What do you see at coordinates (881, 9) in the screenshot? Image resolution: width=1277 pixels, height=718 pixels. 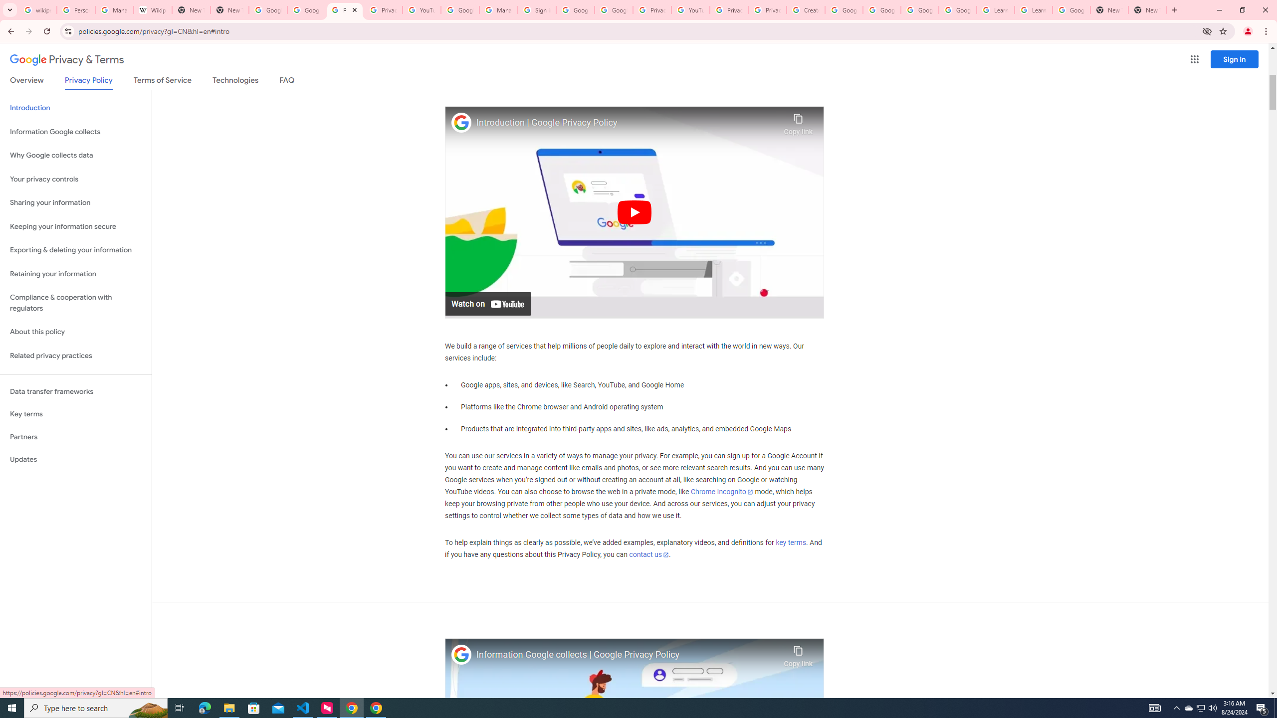 I see `'Google Account Help'` at bounding box center [881, 9].